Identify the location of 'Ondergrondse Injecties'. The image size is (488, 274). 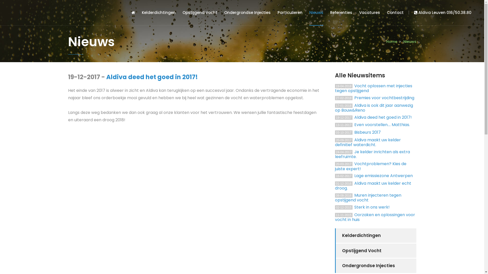
(376, 265).